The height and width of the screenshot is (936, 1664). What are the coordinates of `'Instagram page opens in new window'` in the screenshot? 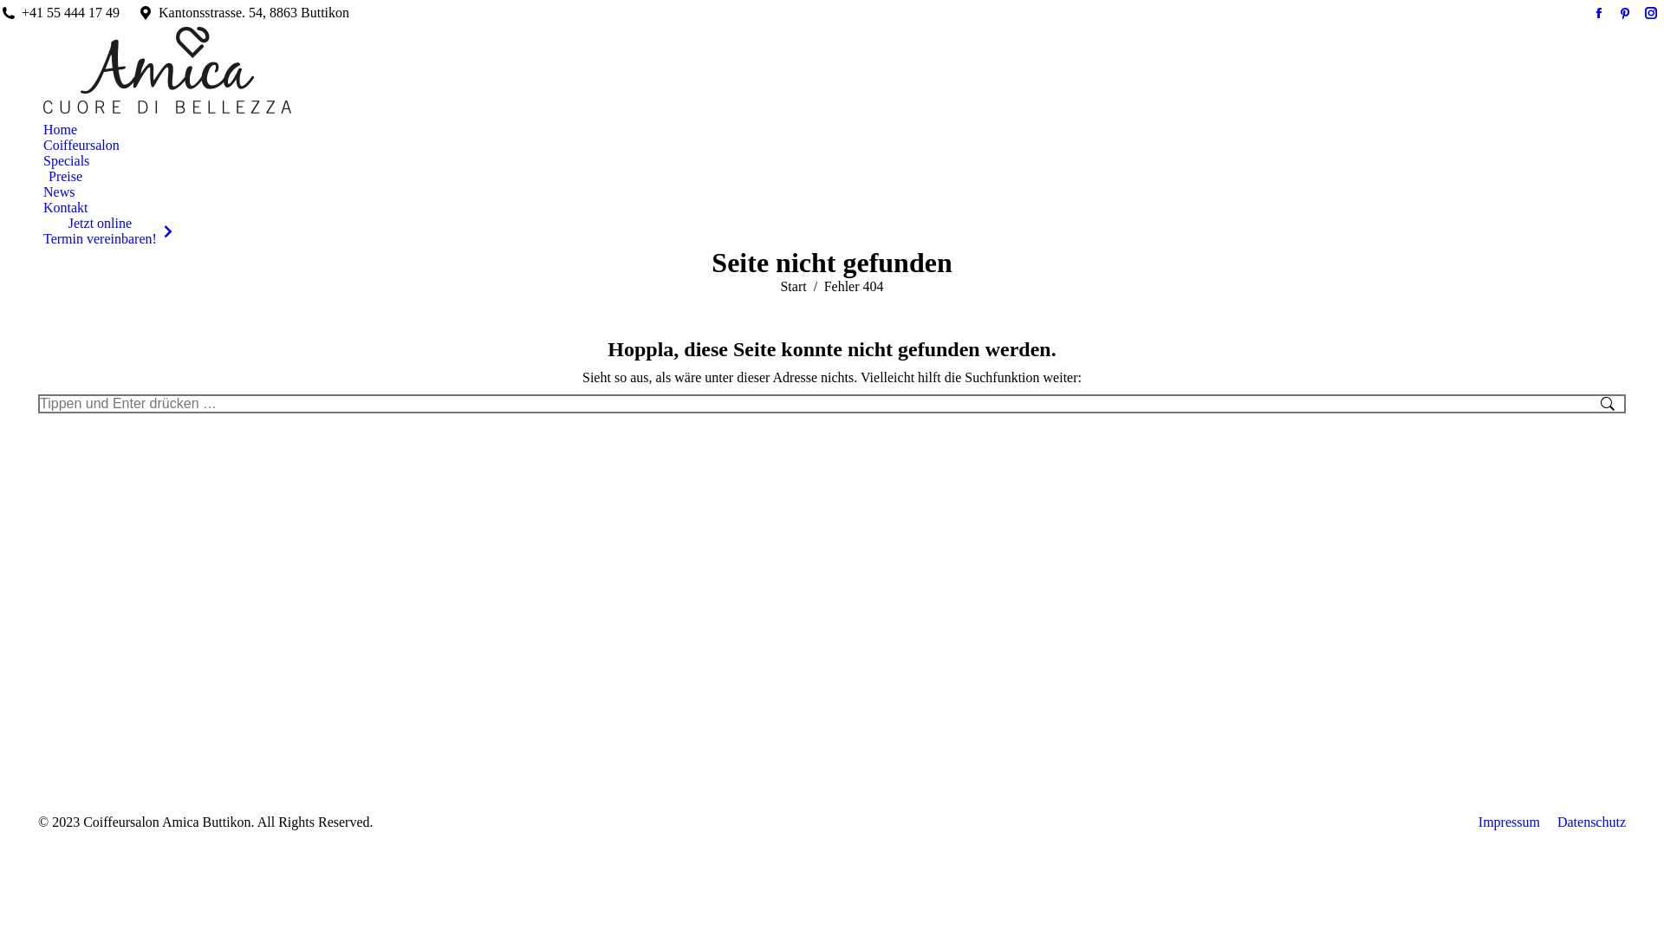 It's located at (1650, 13).